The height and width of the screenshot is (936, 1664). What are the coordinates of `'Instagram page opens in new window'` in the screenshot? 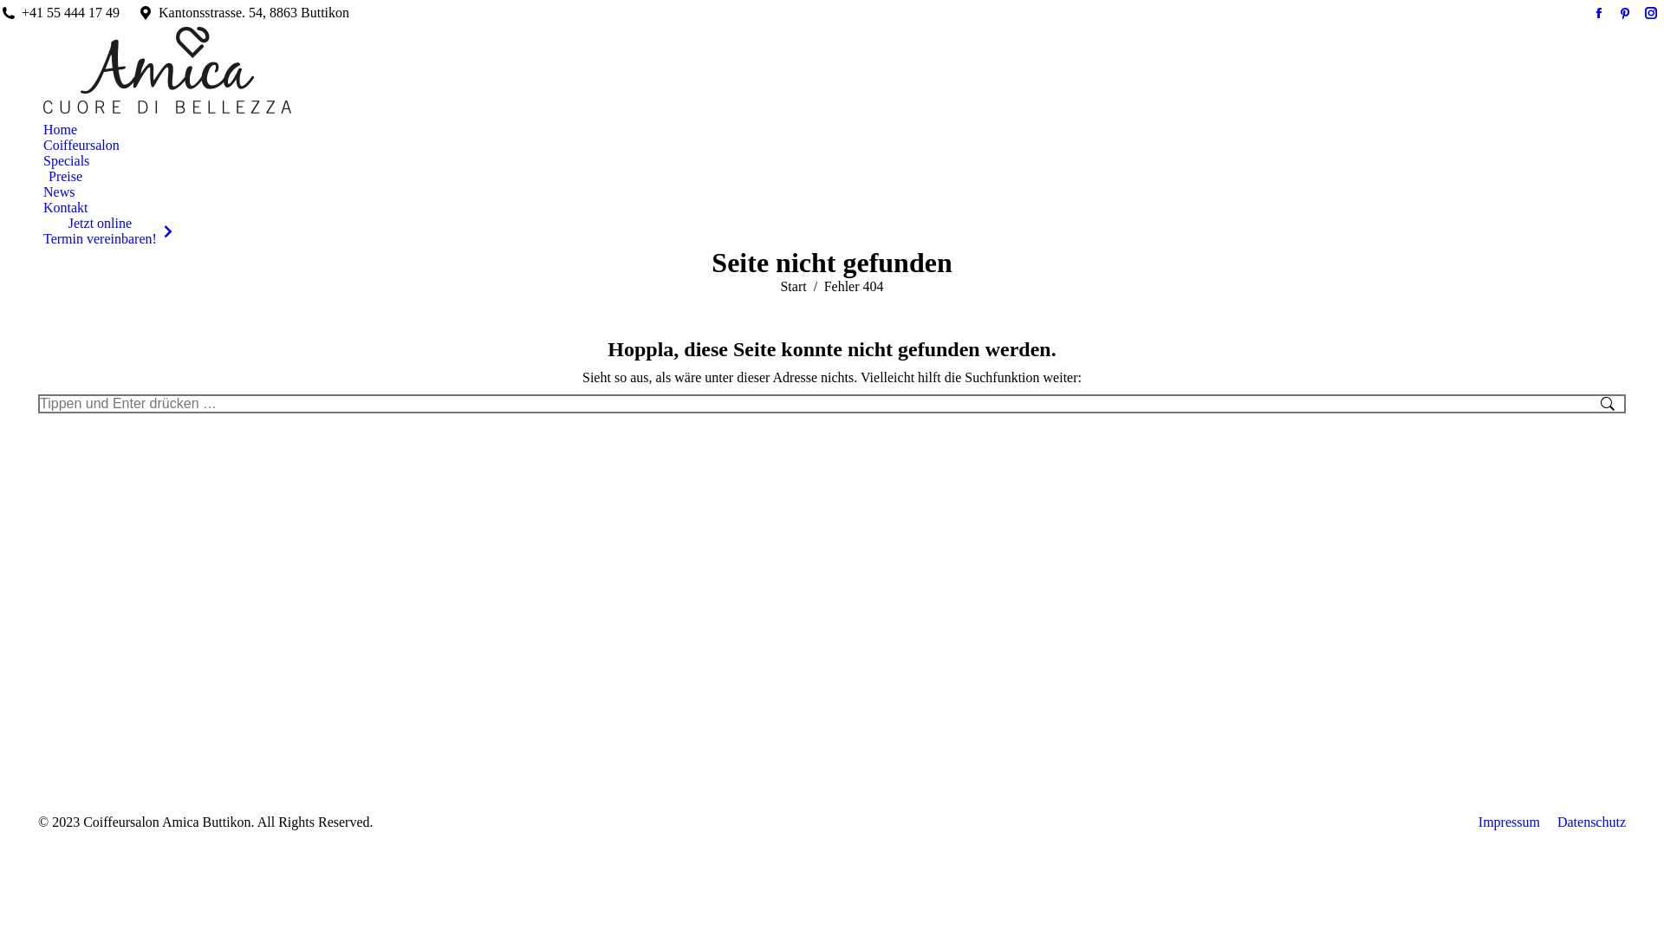 It's located at (1650, 13).